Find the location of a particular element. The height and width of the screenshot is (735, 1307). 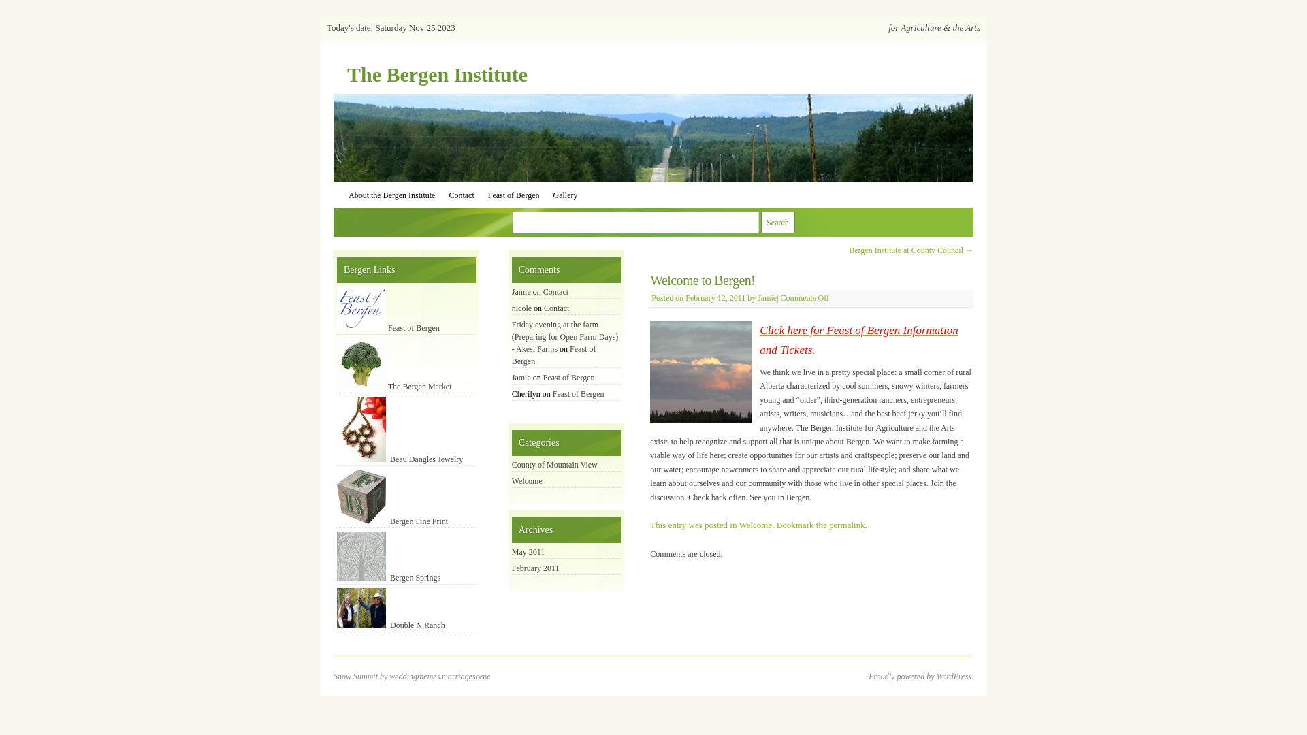

'About the Bergen Institute' is located at coordinates (391, 195).